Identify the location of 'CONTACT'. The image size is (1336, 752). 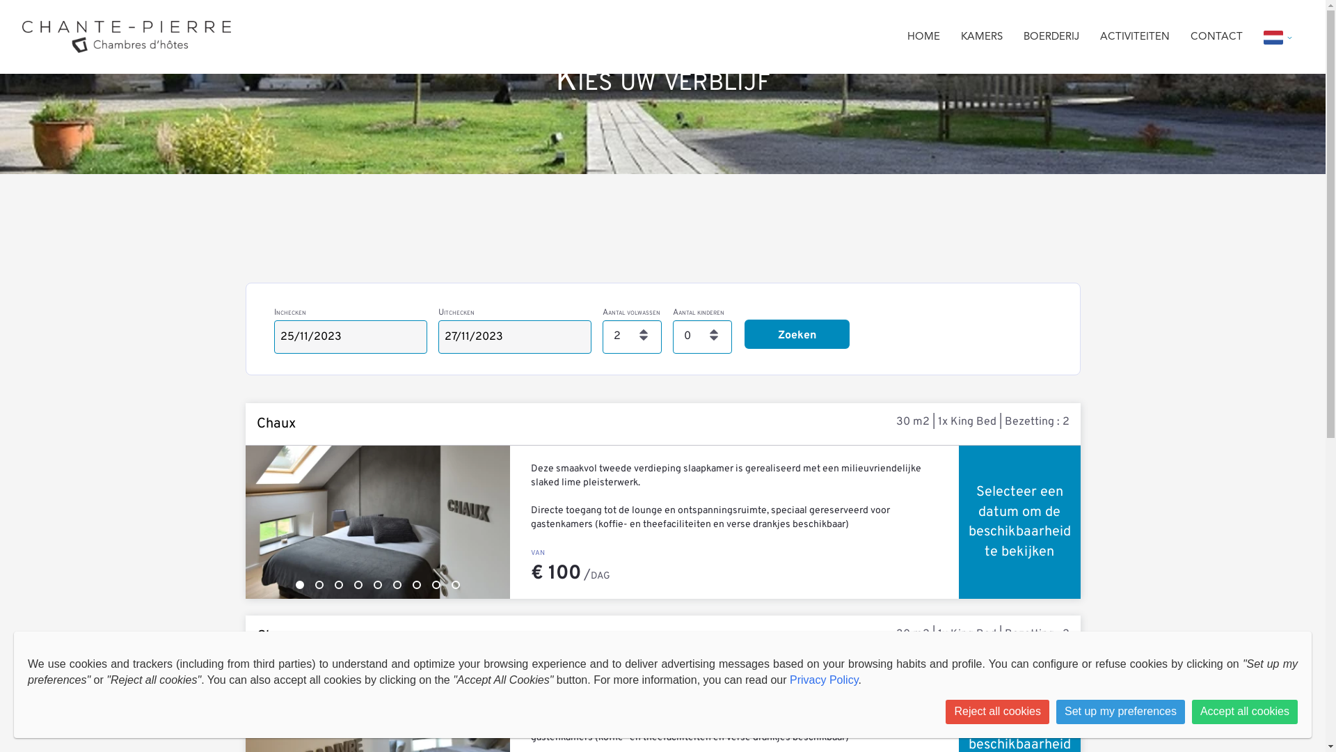
(1189, 36).